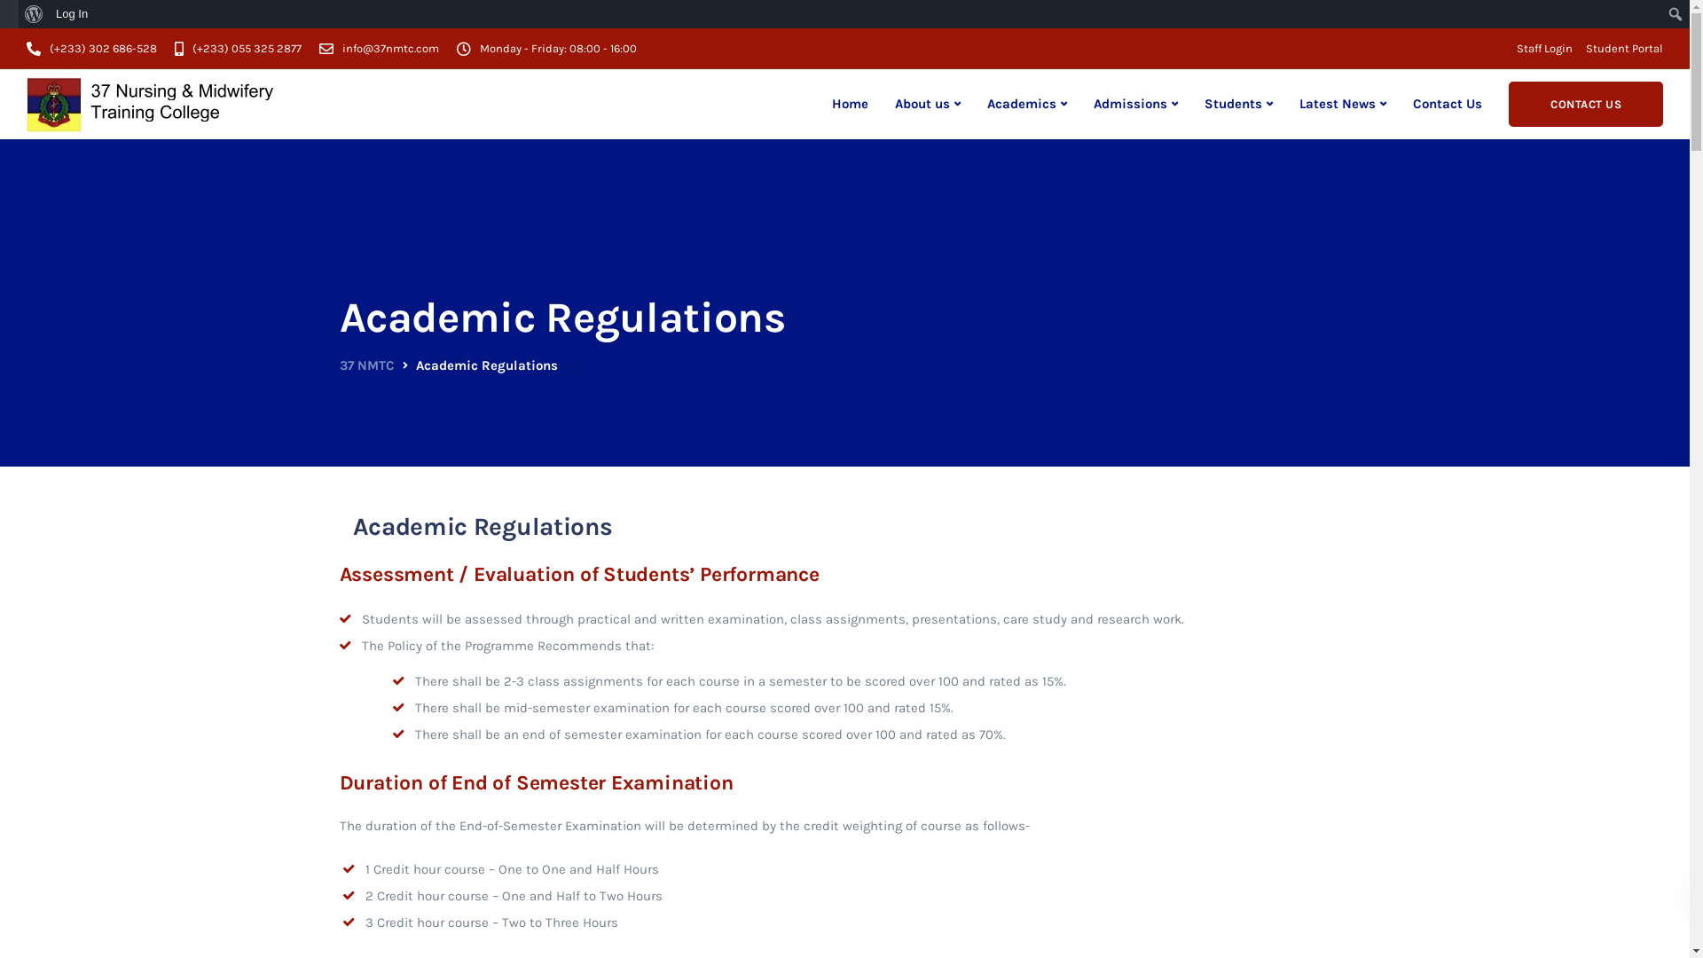 The height and width of the screenshot is (958, 1703). I want to click on '(+233) 302 686-528', so click(106, 47).